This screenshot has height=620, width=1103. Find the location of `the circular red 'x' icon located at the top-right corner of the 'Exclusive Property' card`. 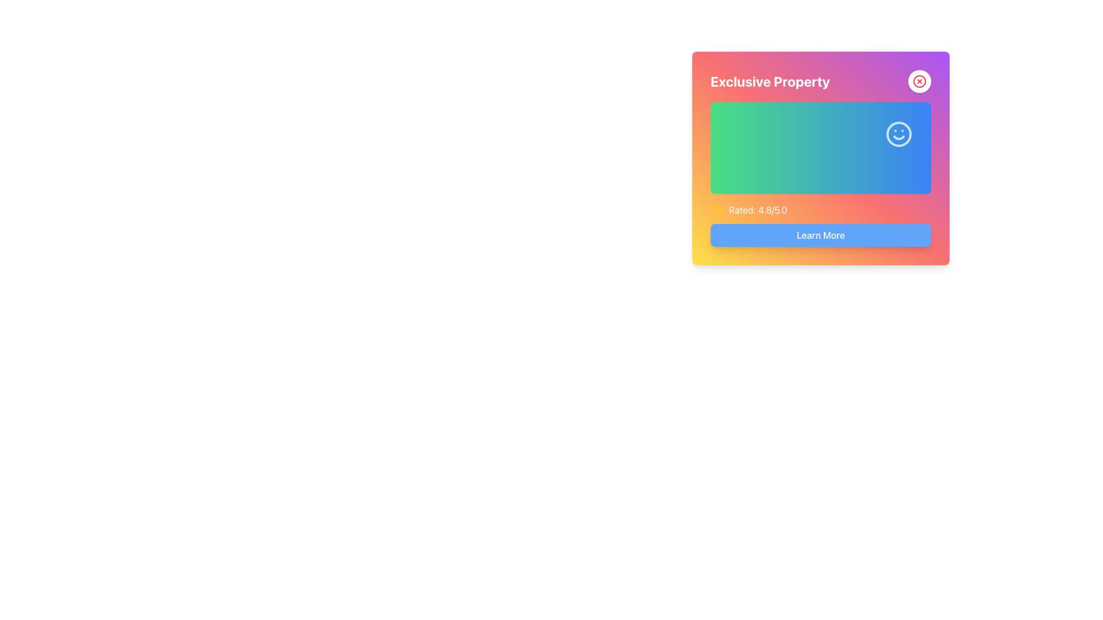

the circular red 'x' icon located at the top-right corner of the 'Exclusive Property' card is located at coordinates (920, 81).